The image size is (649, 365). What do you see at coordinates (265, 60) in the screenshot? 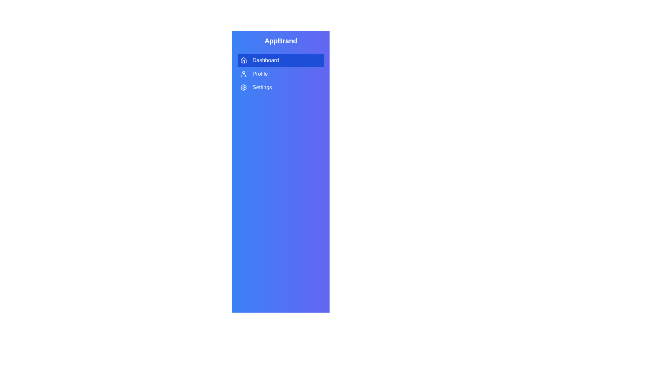
I see `the 'Dashboard' text label in the vertical navigation menu, which is the first option aligned with a house icon` at bounding box center [265, 60].